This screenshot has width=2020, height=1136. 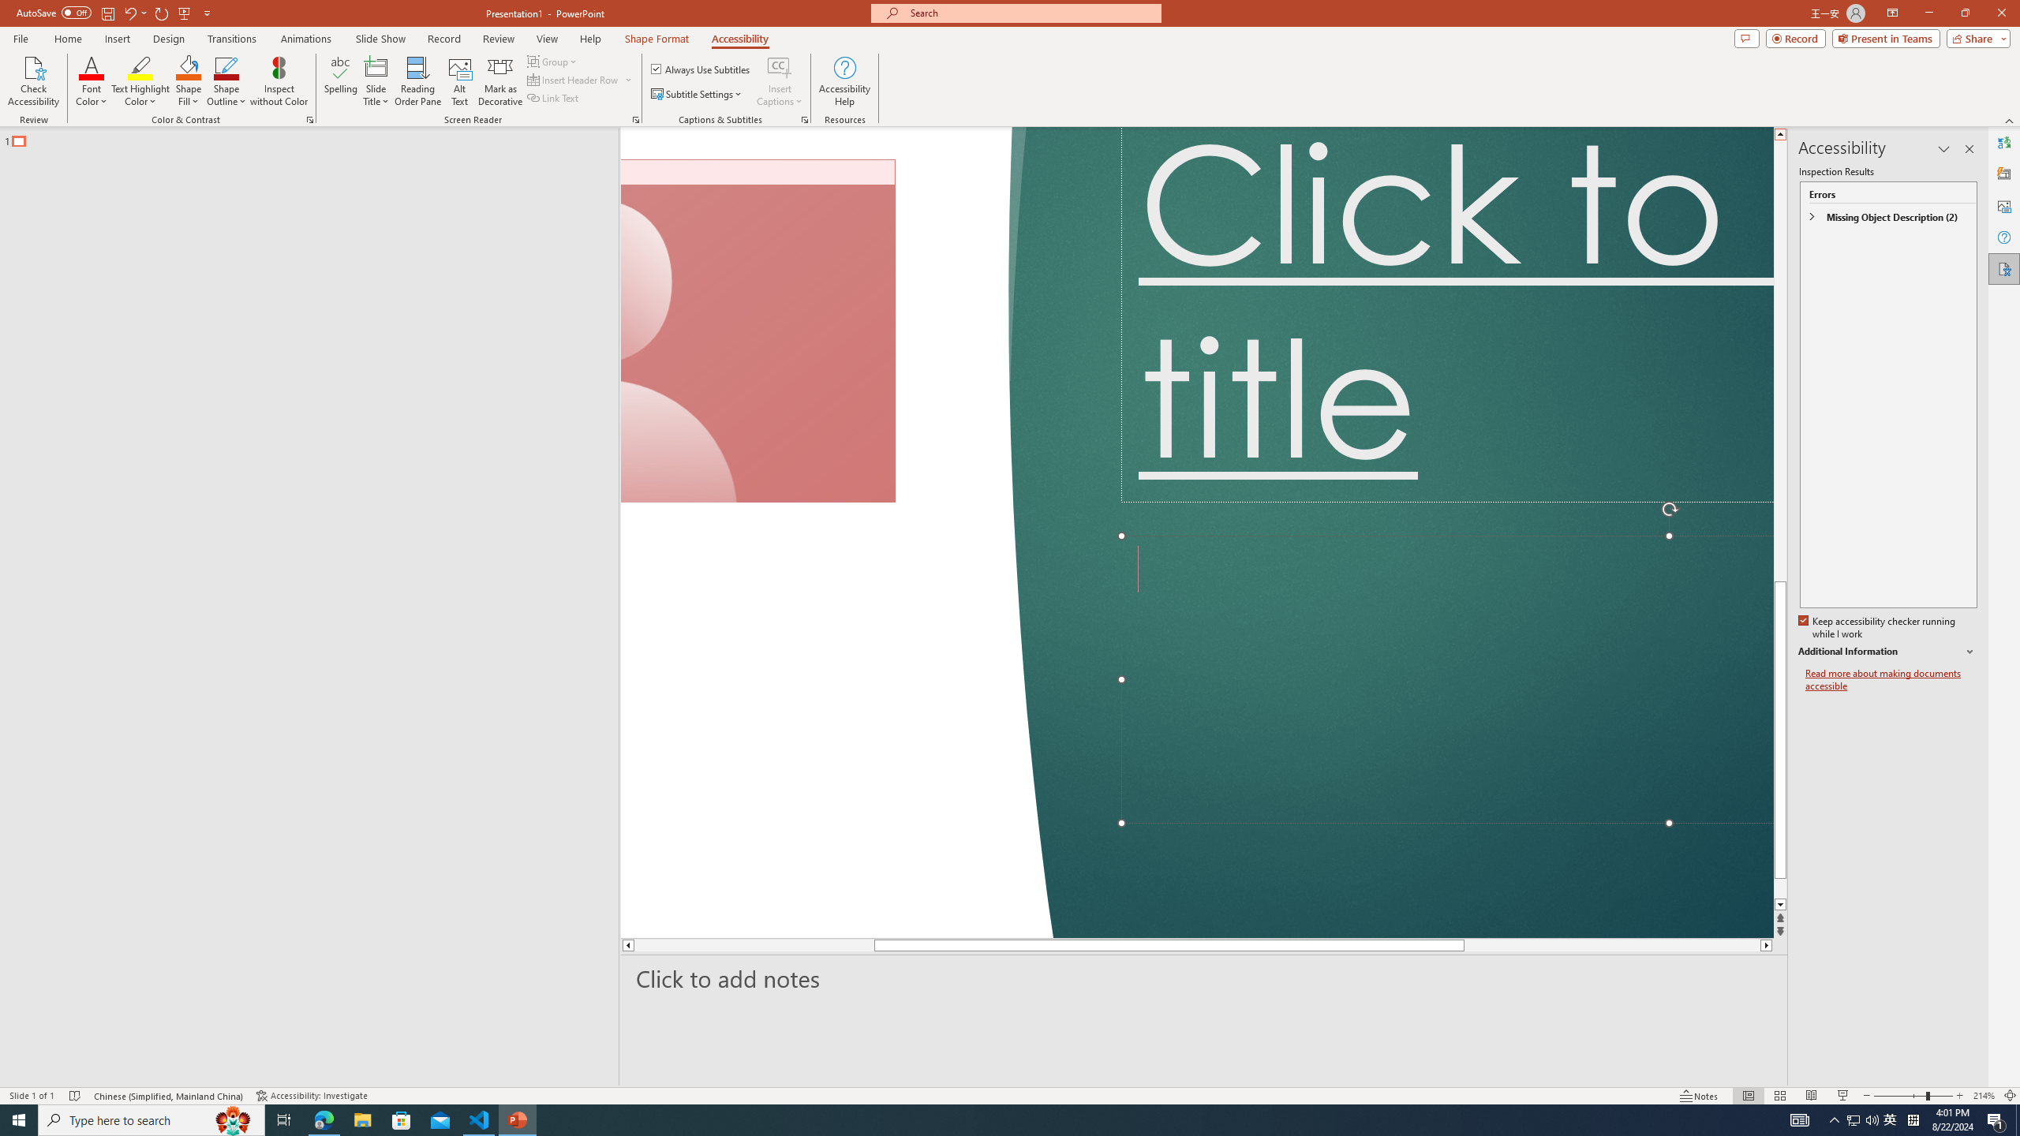 What do you see at coordinates (189, 66) in the screenshot?
I see `'Shape Fill Orange, Accent 2'` at bounding box center [189, 66].